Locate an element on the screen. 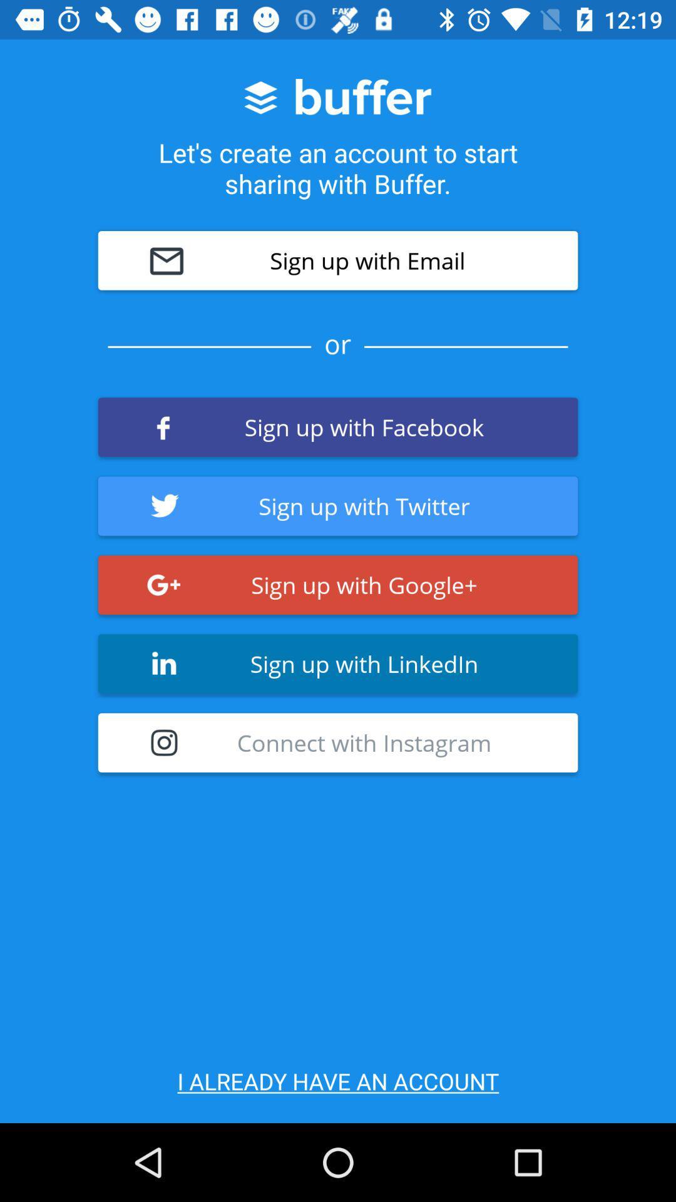 Image resolution: width=676 pixels, height=1202 pixels. the i already have is located at coordinates (338, 1081).